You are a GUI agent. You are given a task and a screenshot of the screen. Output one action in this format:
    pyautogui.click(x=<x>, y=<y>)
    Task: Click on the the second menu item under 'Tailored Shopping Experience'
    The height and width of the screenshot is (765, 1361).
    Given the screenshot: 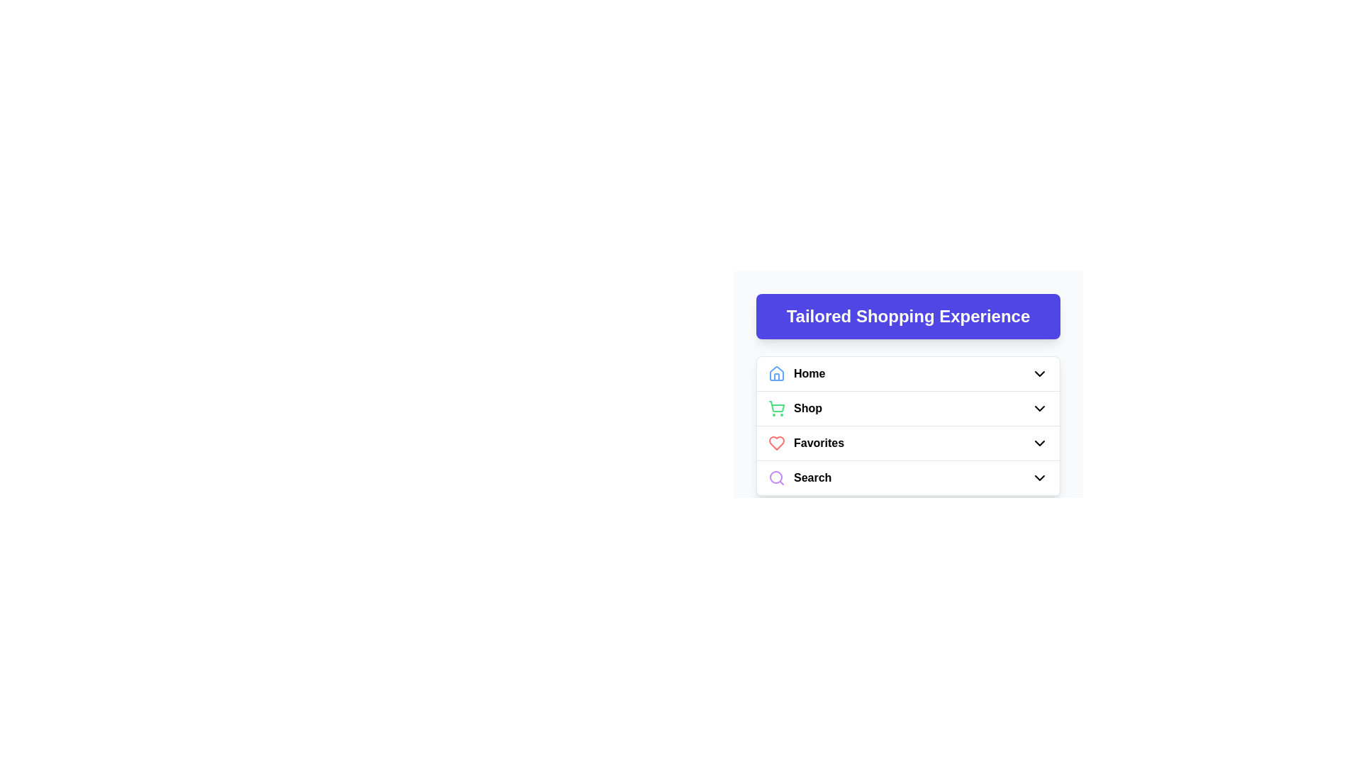 What is the action you would take?
    pyautogui.click(x=908, y=409)
    